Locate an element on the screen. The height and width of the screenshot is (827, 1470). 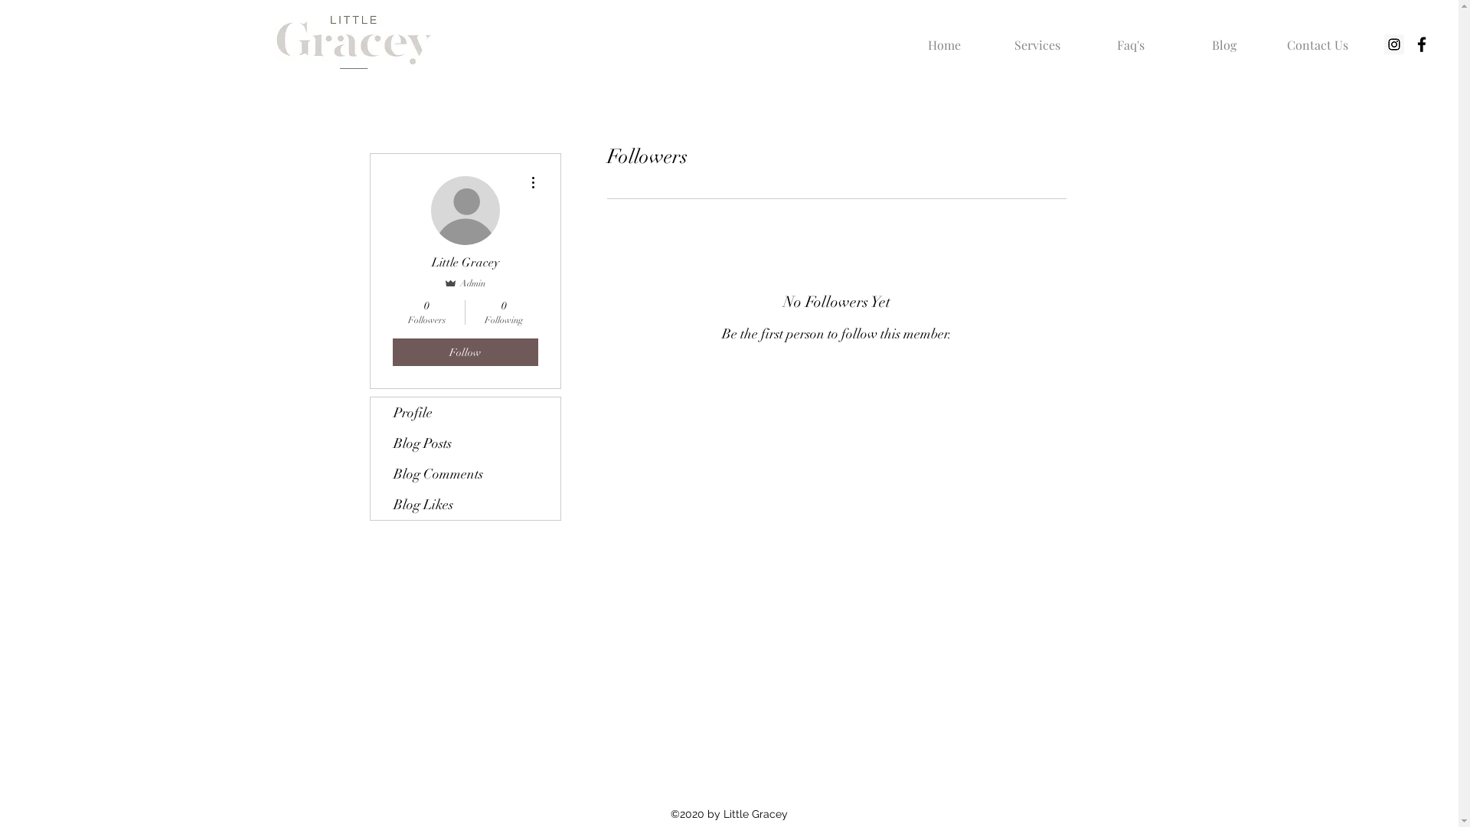
'Profile' is located at coordinates (465, 412).